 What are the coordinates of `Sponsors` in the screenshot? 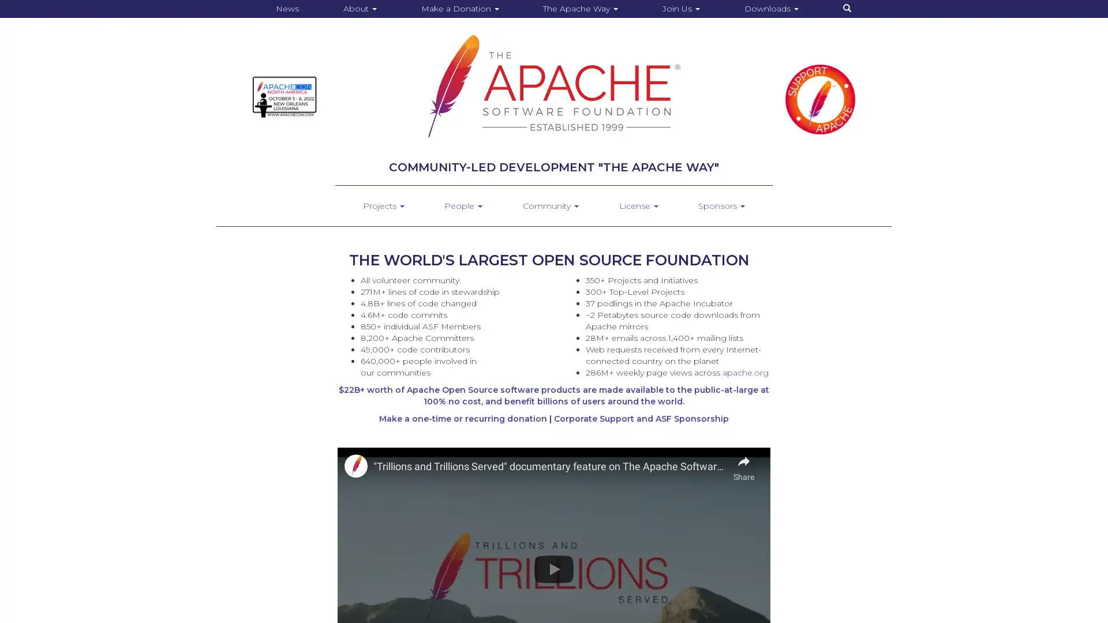 It's located at (721, 205).